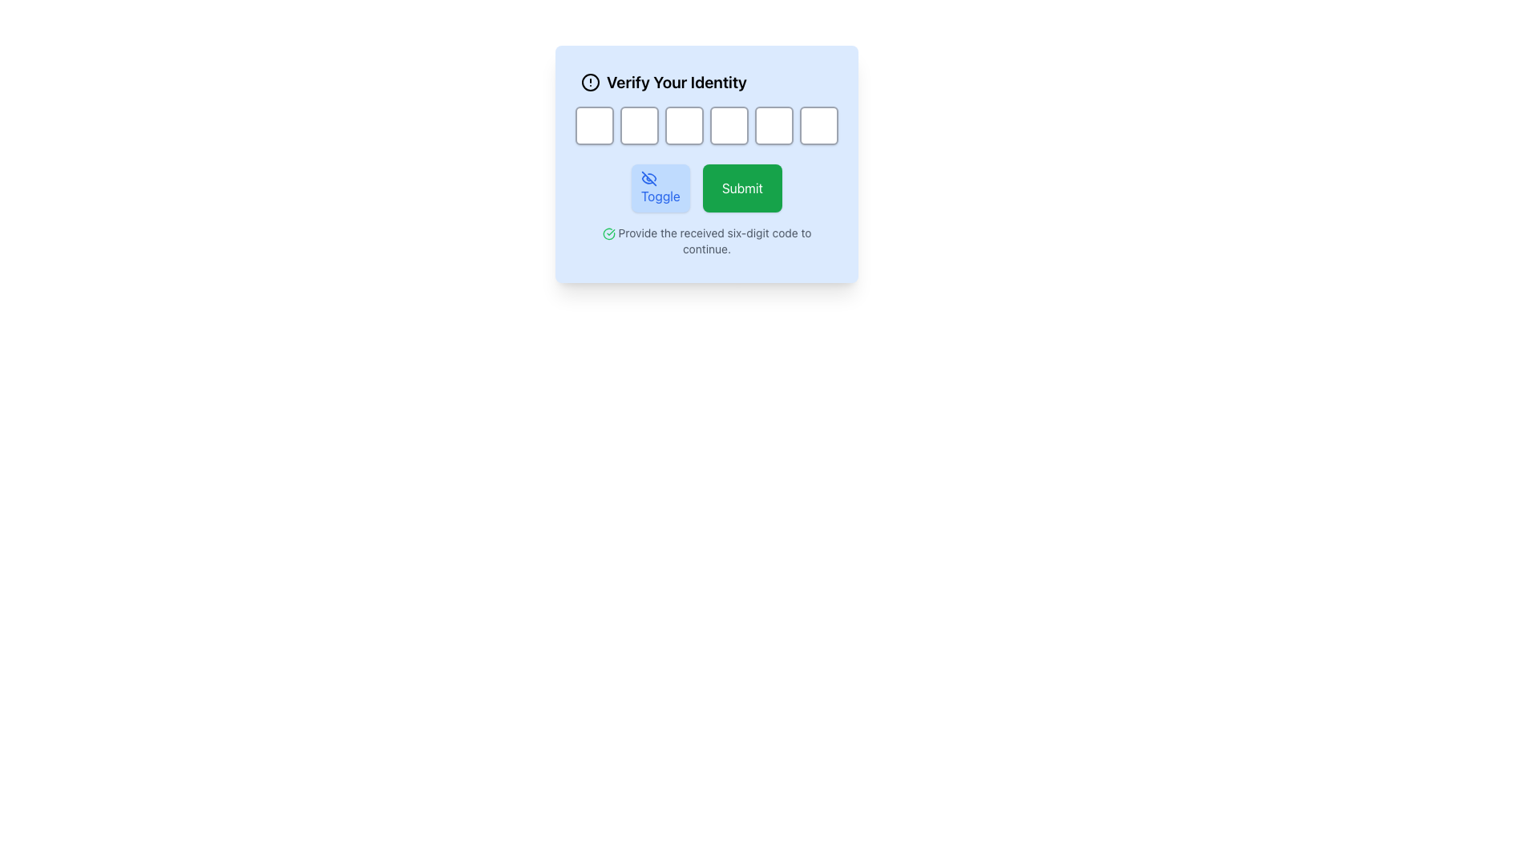 The image size is (1539, 866). I want to click on the alert icon, which is a circular icon with a vertical exclamation mark, located to the left of the 'Verify Your Identity' text in the header section, so click(590, 83).